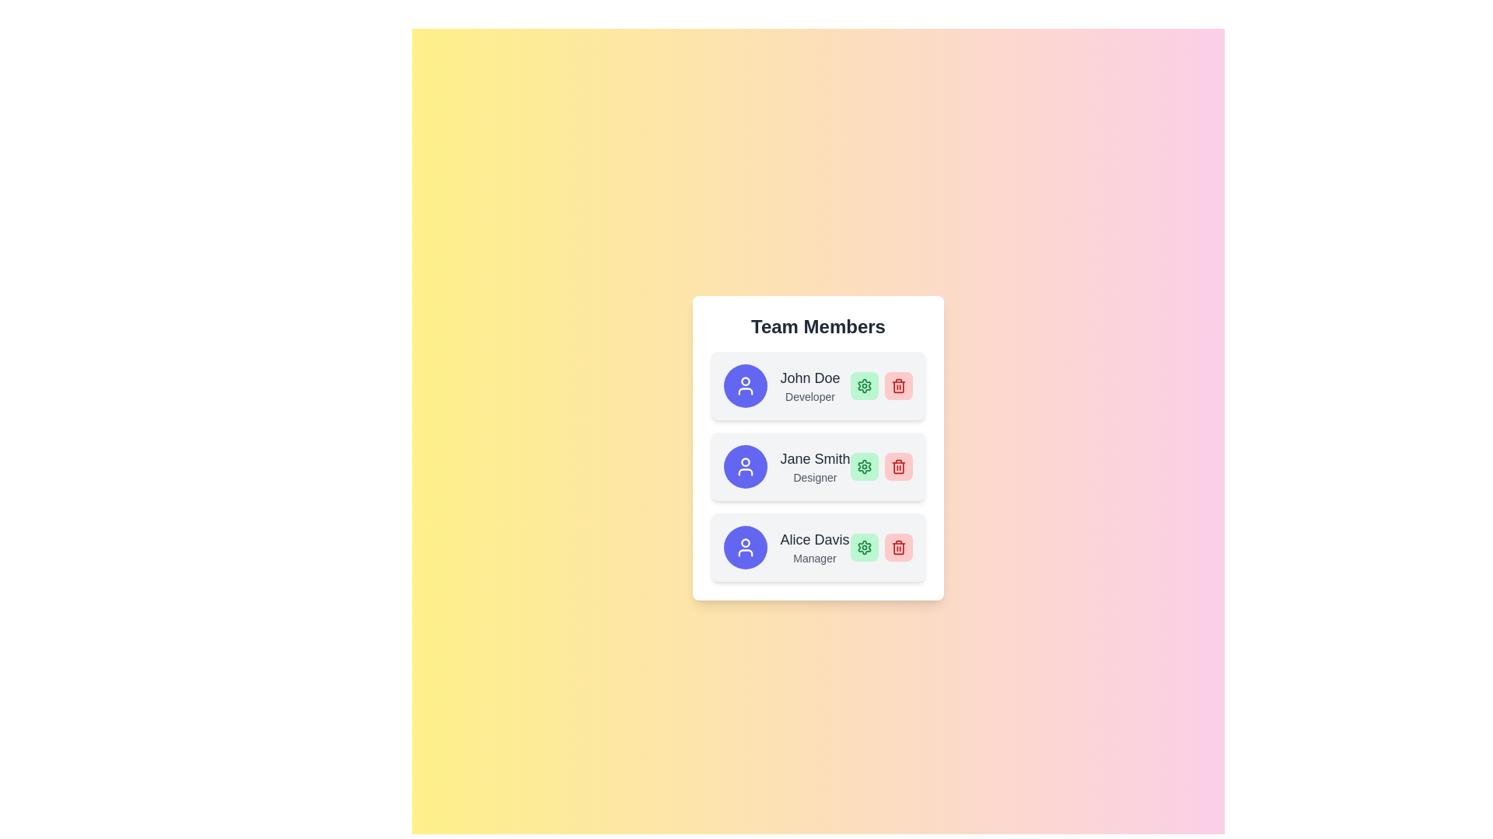  What do you see at coordinates (898, 547) in the screenshot?
I see `the delete button for the team member 'Alice Davis', located on the right side of the third row in the list of team members` at bounding box center [898, 547].